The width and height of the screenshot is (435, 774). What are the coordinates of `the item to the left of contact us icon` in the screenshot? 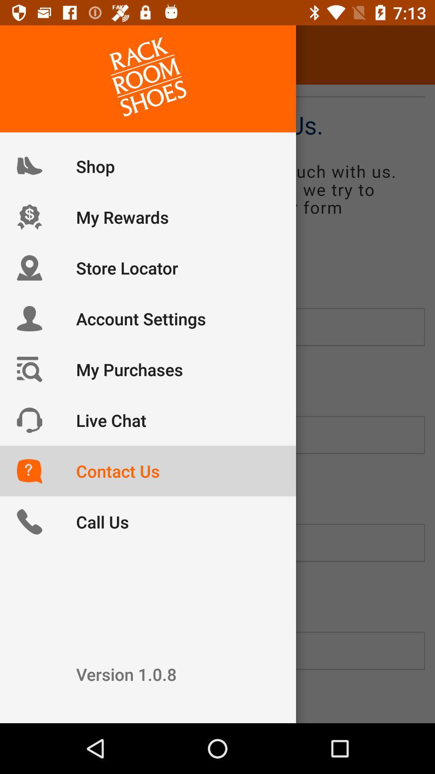 It's located at (29, 54).